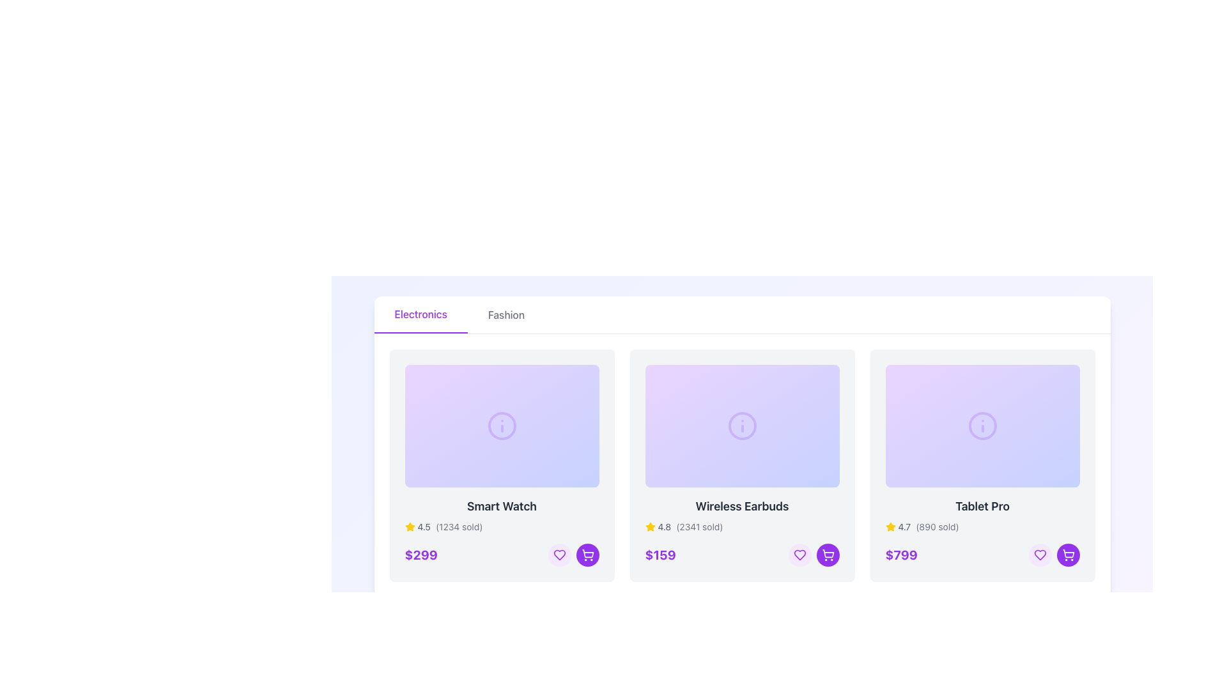 Image resolution: width=1227 pixels, height=690 pixels. I want to click on price information displayed below the product name and rating details for the 'Smart Watch', so click(501, 554).